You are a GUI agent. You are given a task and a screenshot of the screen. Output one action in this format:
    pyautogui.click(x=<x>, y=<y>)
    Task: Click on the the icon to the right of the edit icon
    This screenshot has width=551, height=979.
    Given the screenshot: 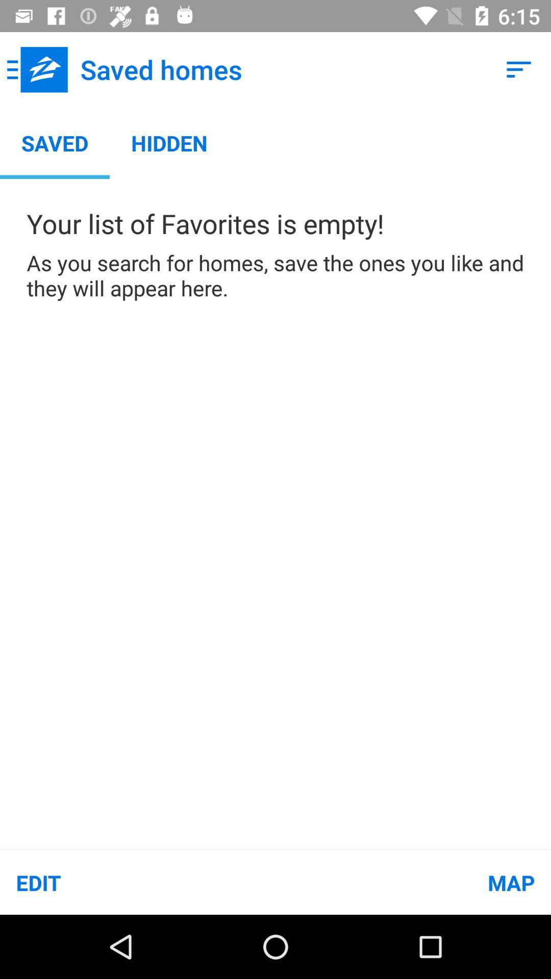 What is the action you would take?
    pyautogui.click(x=413, y=882)
    